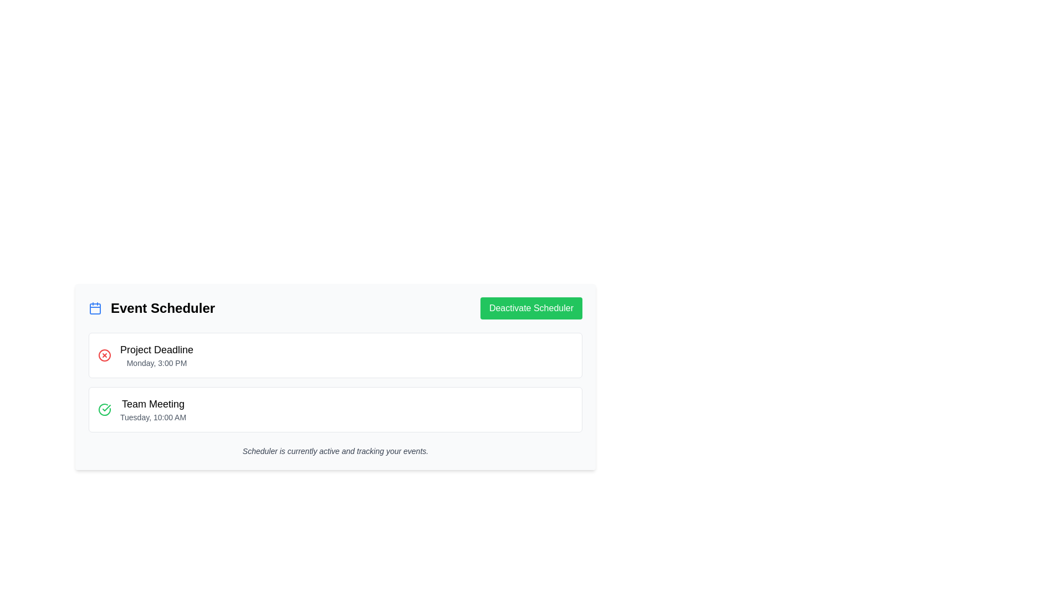 This screenshot has height=598, width=1064. Describe the element at coordinates (152, 410) in the screenshot. I see `scheduled time of the second event entry under 'Event Scheduler', which provides information about an upcoming event` at that location.